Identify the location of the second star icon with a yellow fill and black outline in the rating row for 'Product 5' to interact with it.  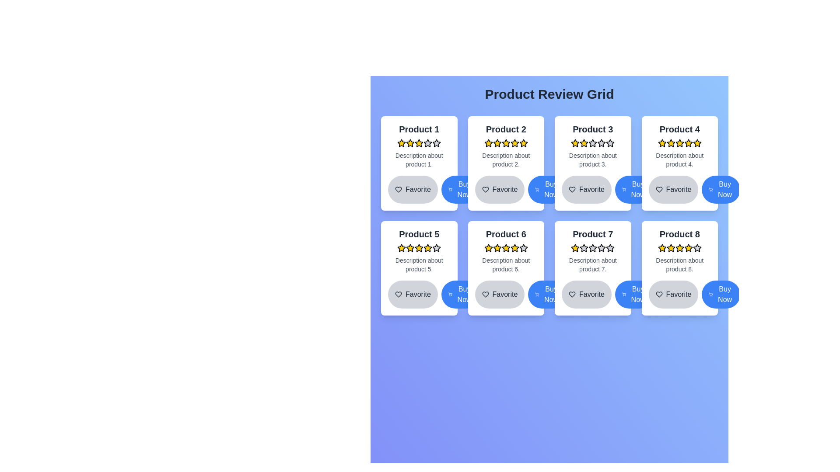
(410, 248).